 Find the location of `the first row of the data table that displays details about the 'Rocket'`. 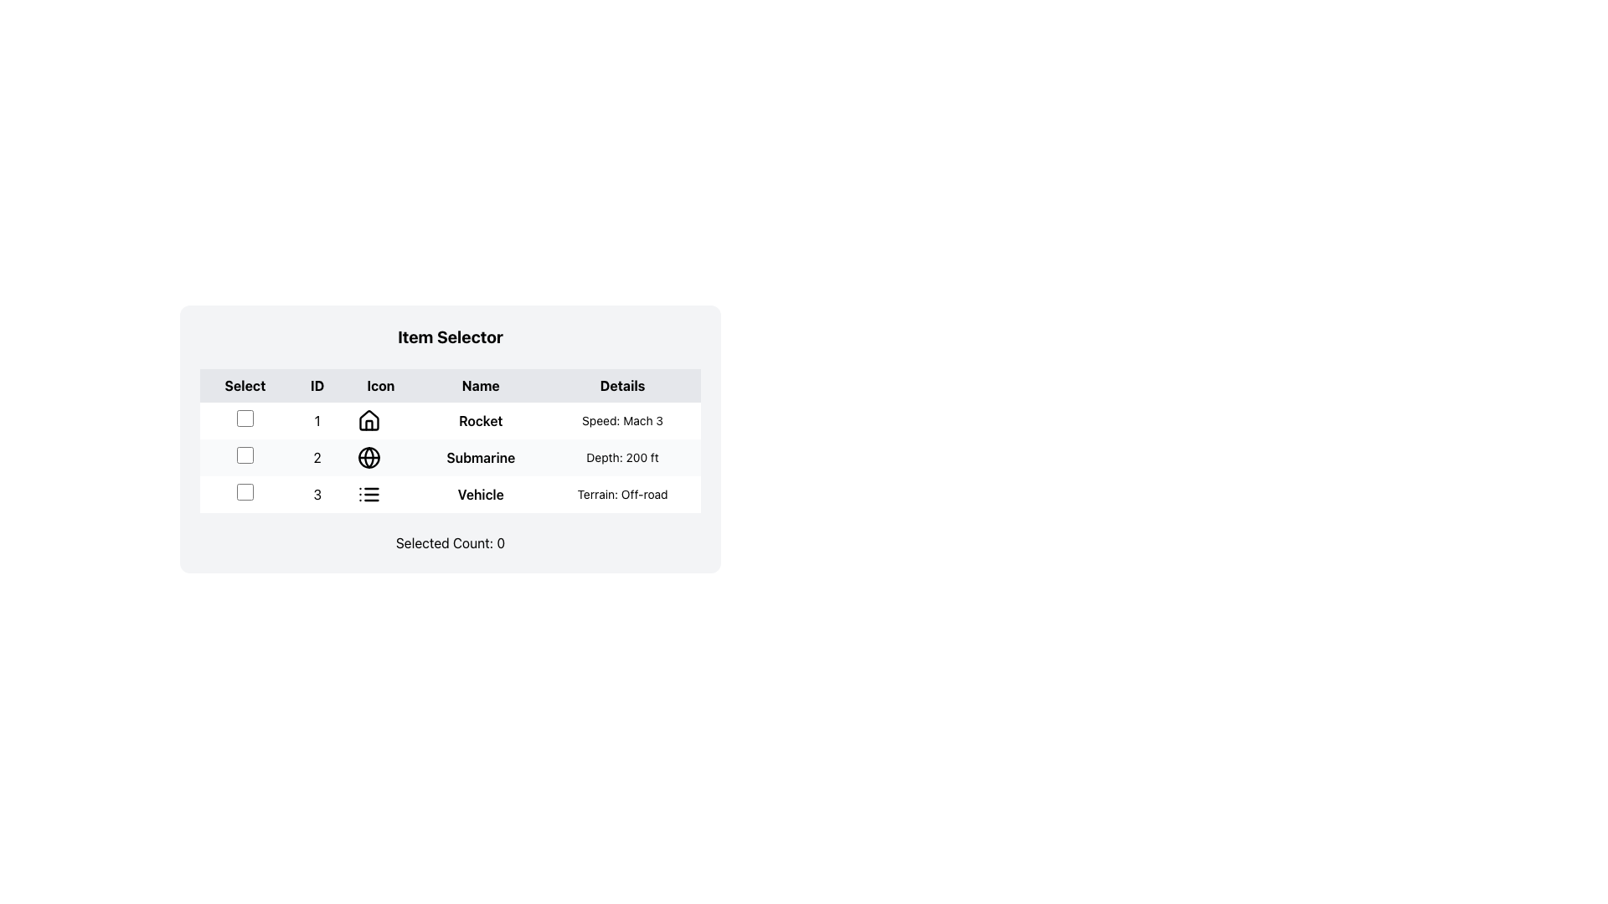

the first row of the data table that displays details about the 'Rocket' is located at coordinates (450, 419).